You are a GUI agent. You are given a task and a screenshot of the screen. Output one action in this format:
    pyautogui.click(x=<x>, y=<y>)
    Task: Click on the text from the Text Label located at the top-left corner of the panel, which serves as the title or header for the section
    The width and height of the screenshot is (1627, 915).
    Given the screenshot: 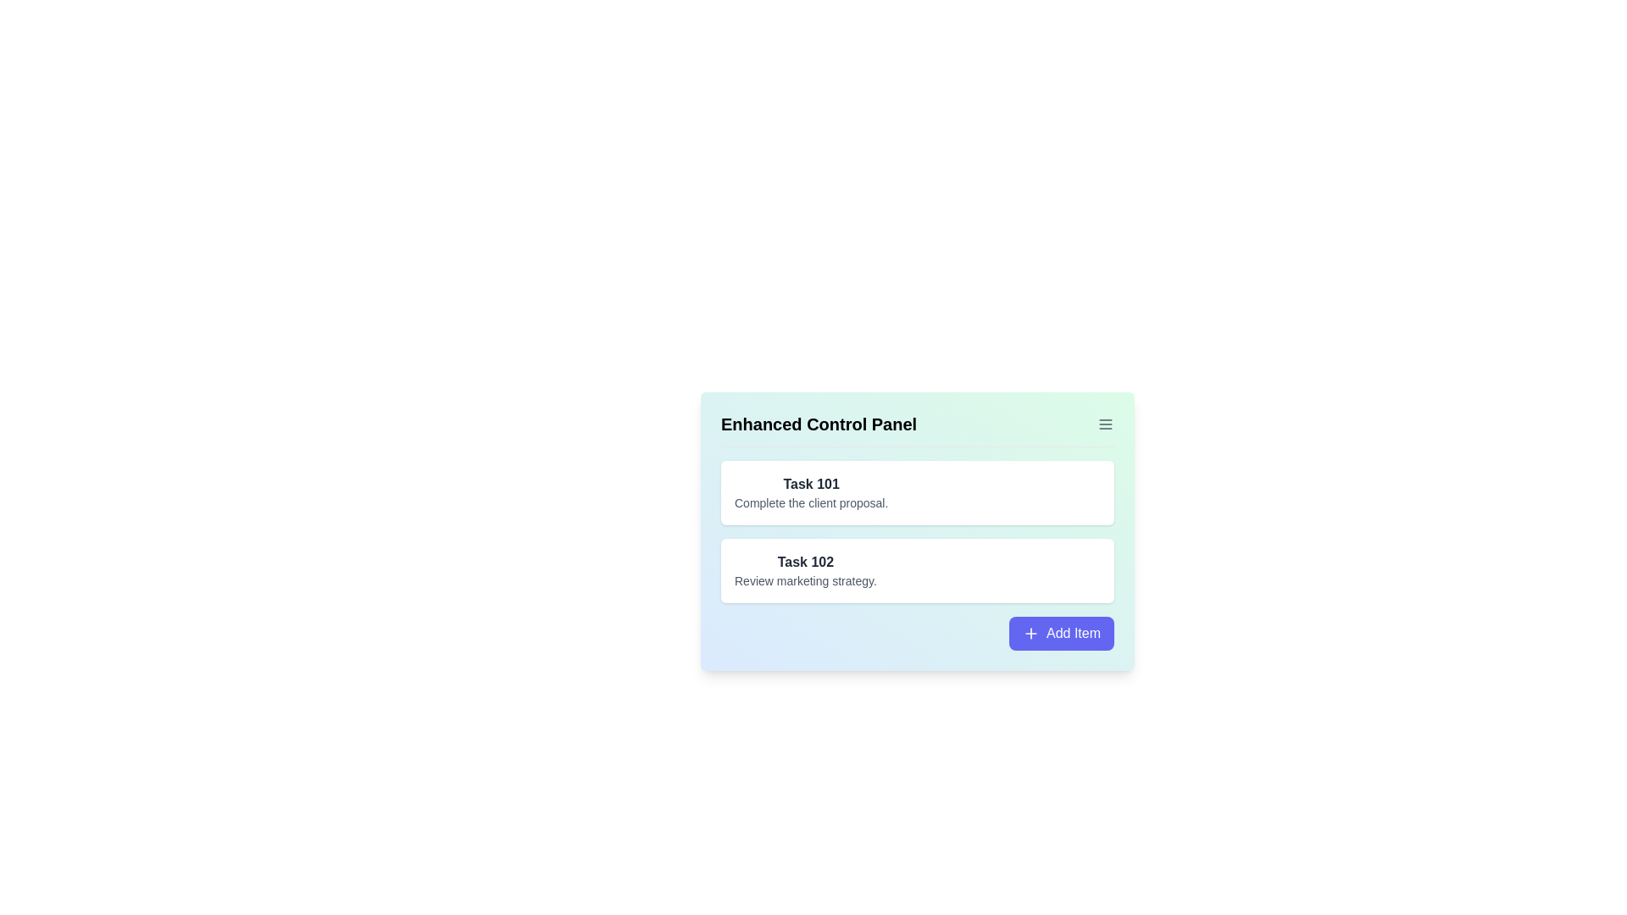 What is the action you would take?
    pyautogui.click(x=819, y=424)
    